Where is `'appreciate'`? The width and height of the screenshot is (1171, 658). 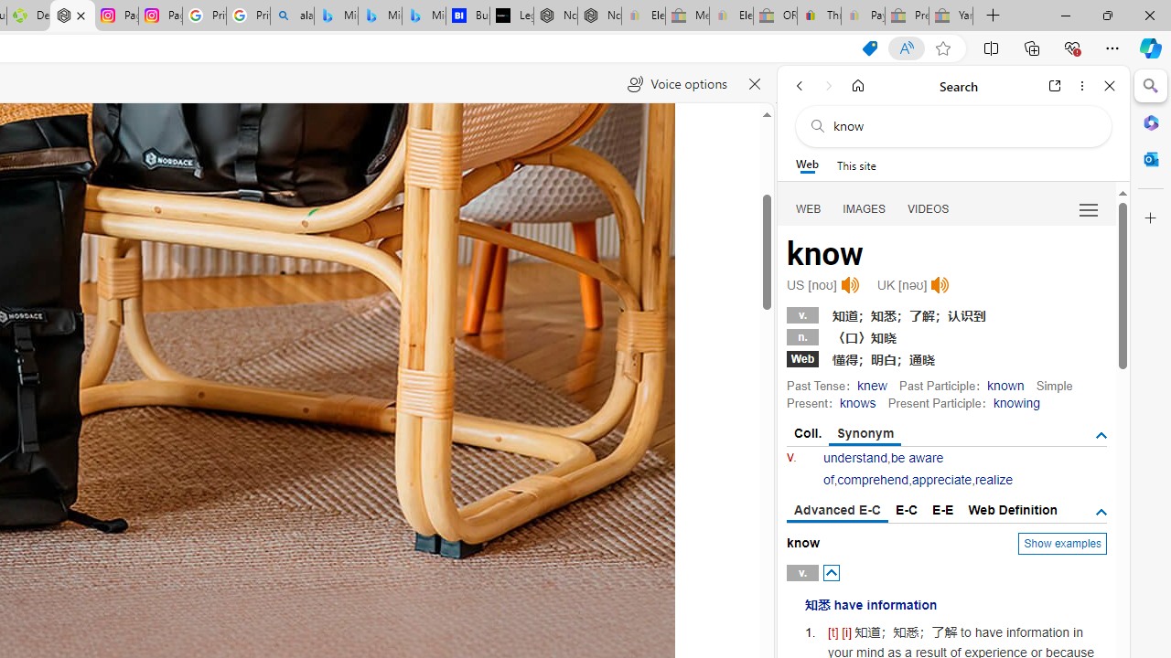 'appreciate' is located at coordinates (941, 479).